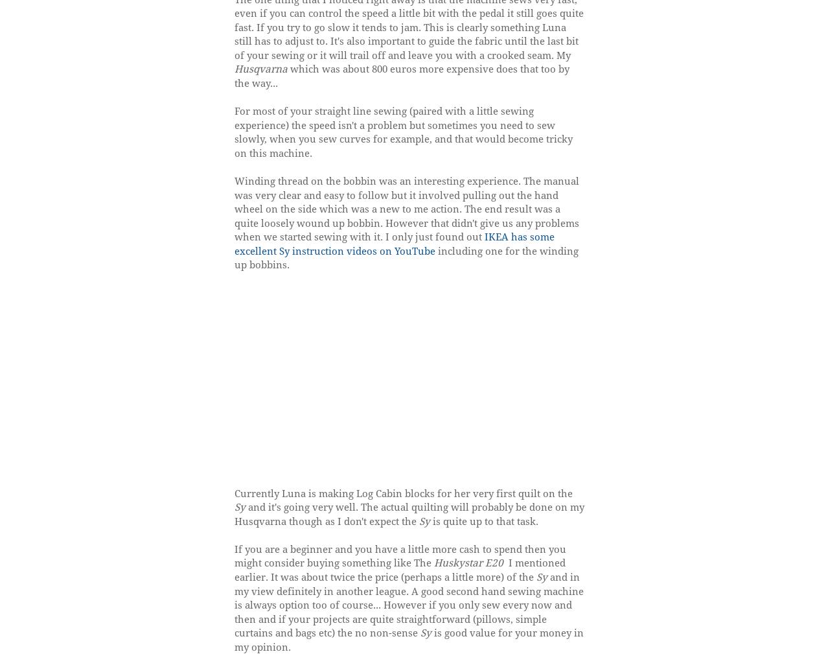  What do you see at coordinates (430, 520) in the screenshot?
I see `'is quite up to that task.'` at bounding box center [430, 520].